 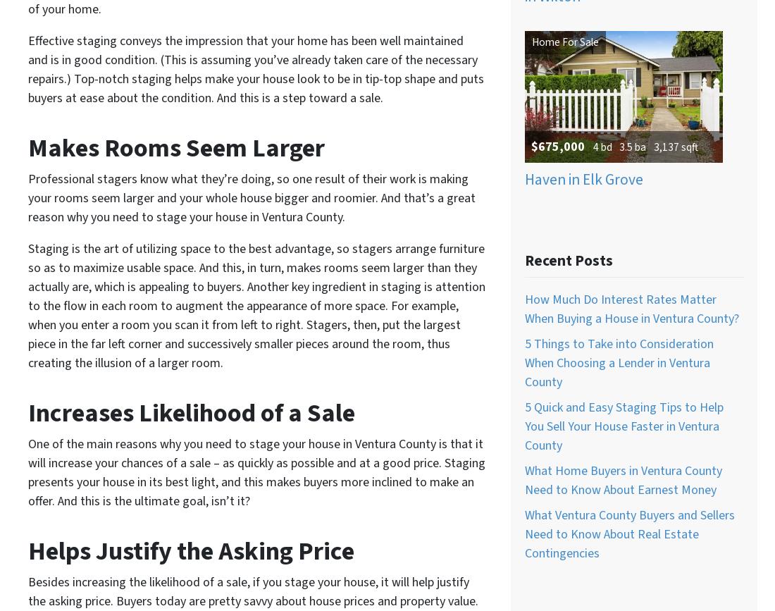 I want to click on 'Real Estate Agents In Fillmore, California', so click(x=16, y=341).